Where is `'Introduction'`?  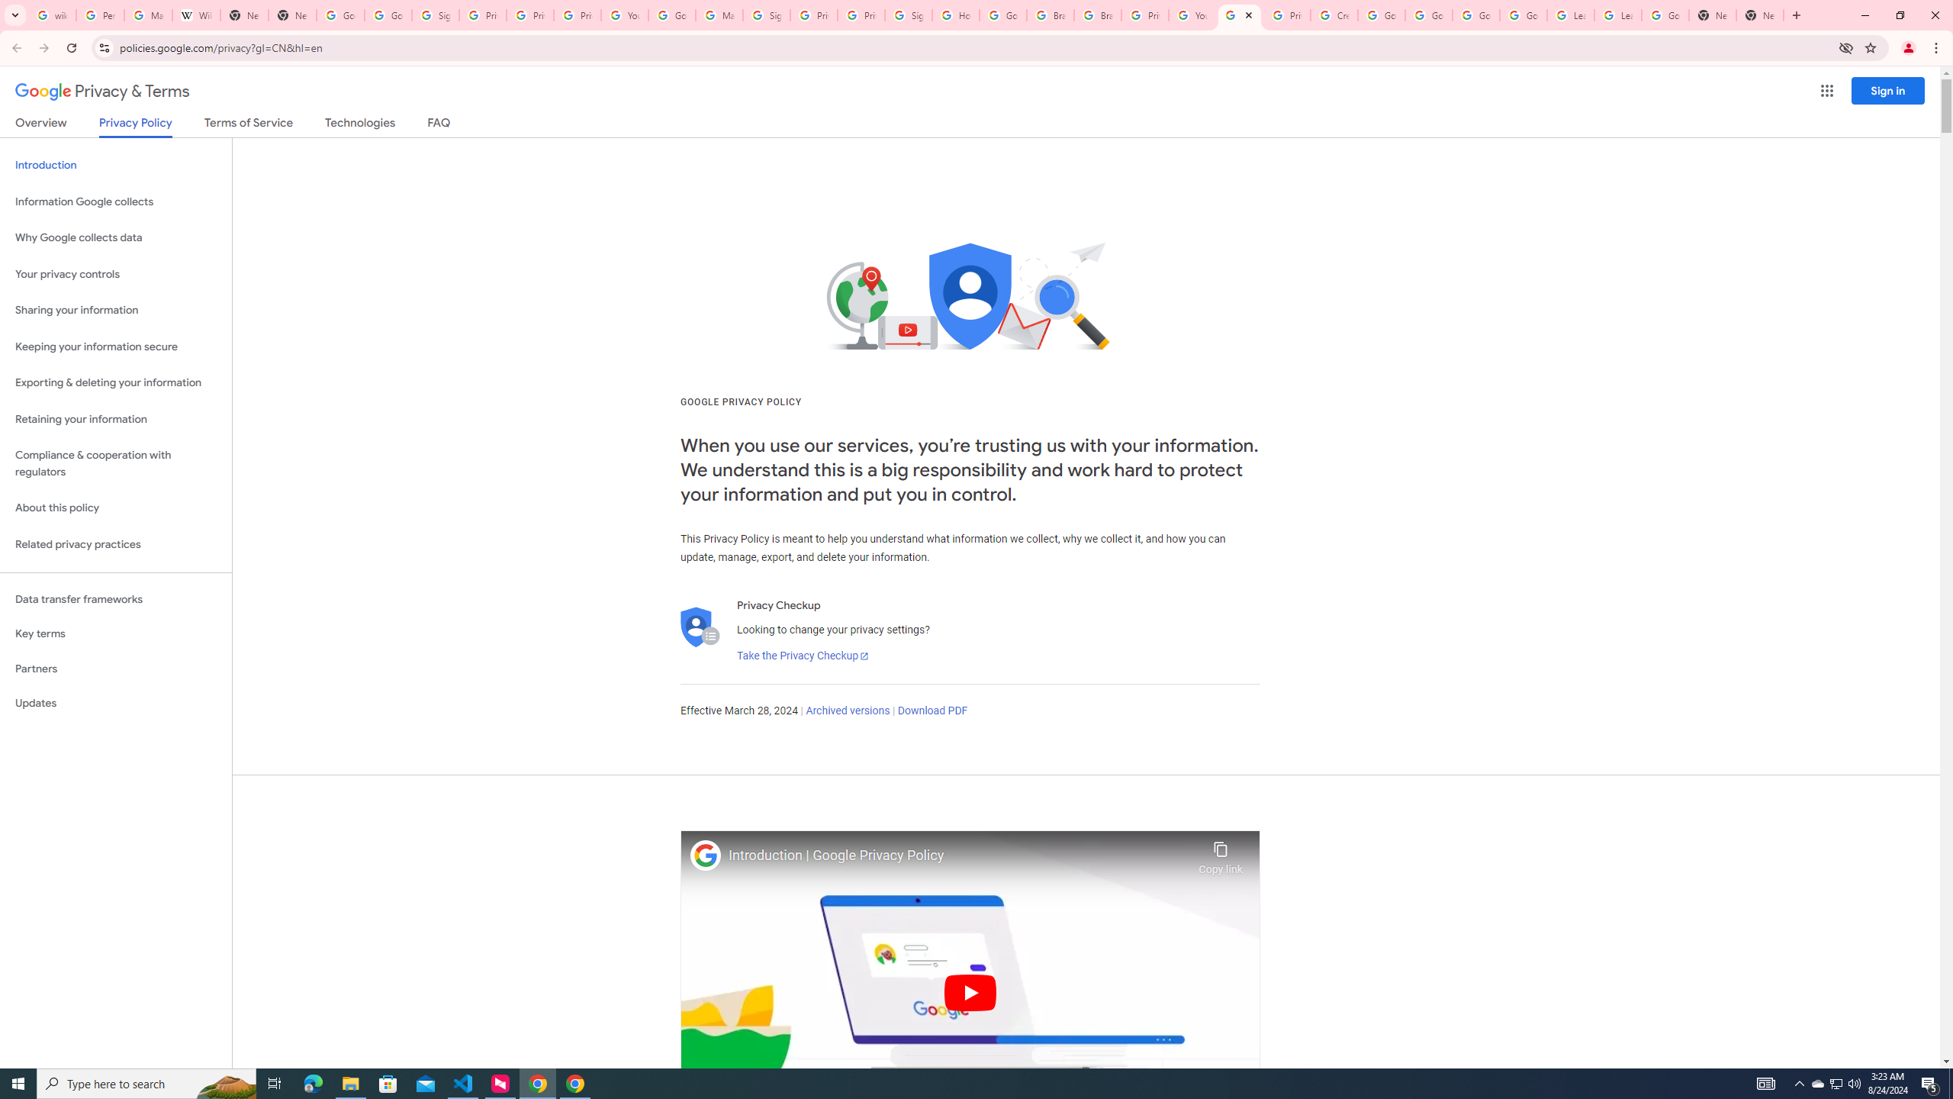 'Introduction' is located at coordinates (115, 164).